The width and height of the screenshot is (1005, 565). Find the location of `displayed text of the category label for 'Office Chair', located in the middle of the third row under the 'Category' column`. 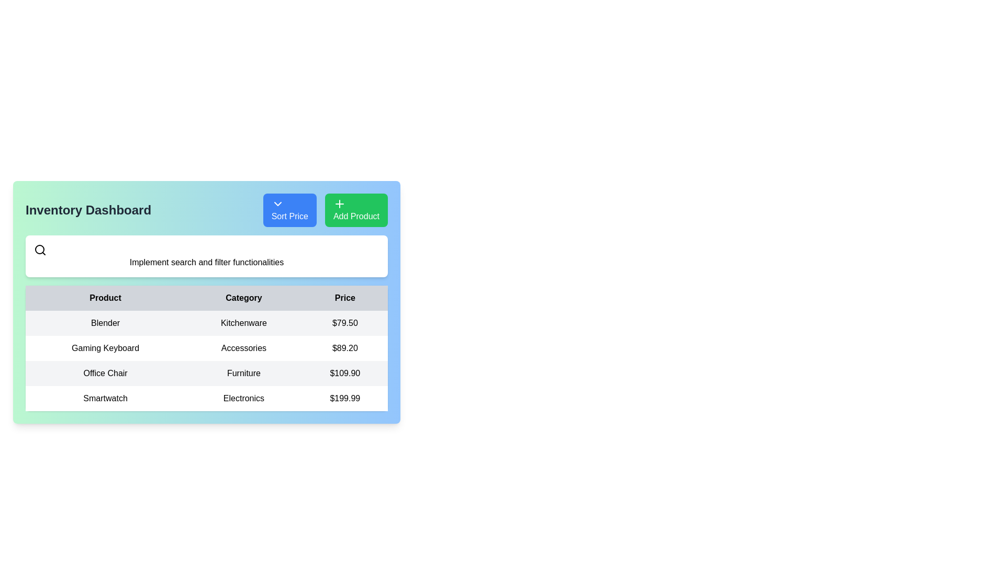

displayed text of the category label for 'Office Chair', located in the middle of the third row under the 'Category' column is located at coordinates (243, 372).